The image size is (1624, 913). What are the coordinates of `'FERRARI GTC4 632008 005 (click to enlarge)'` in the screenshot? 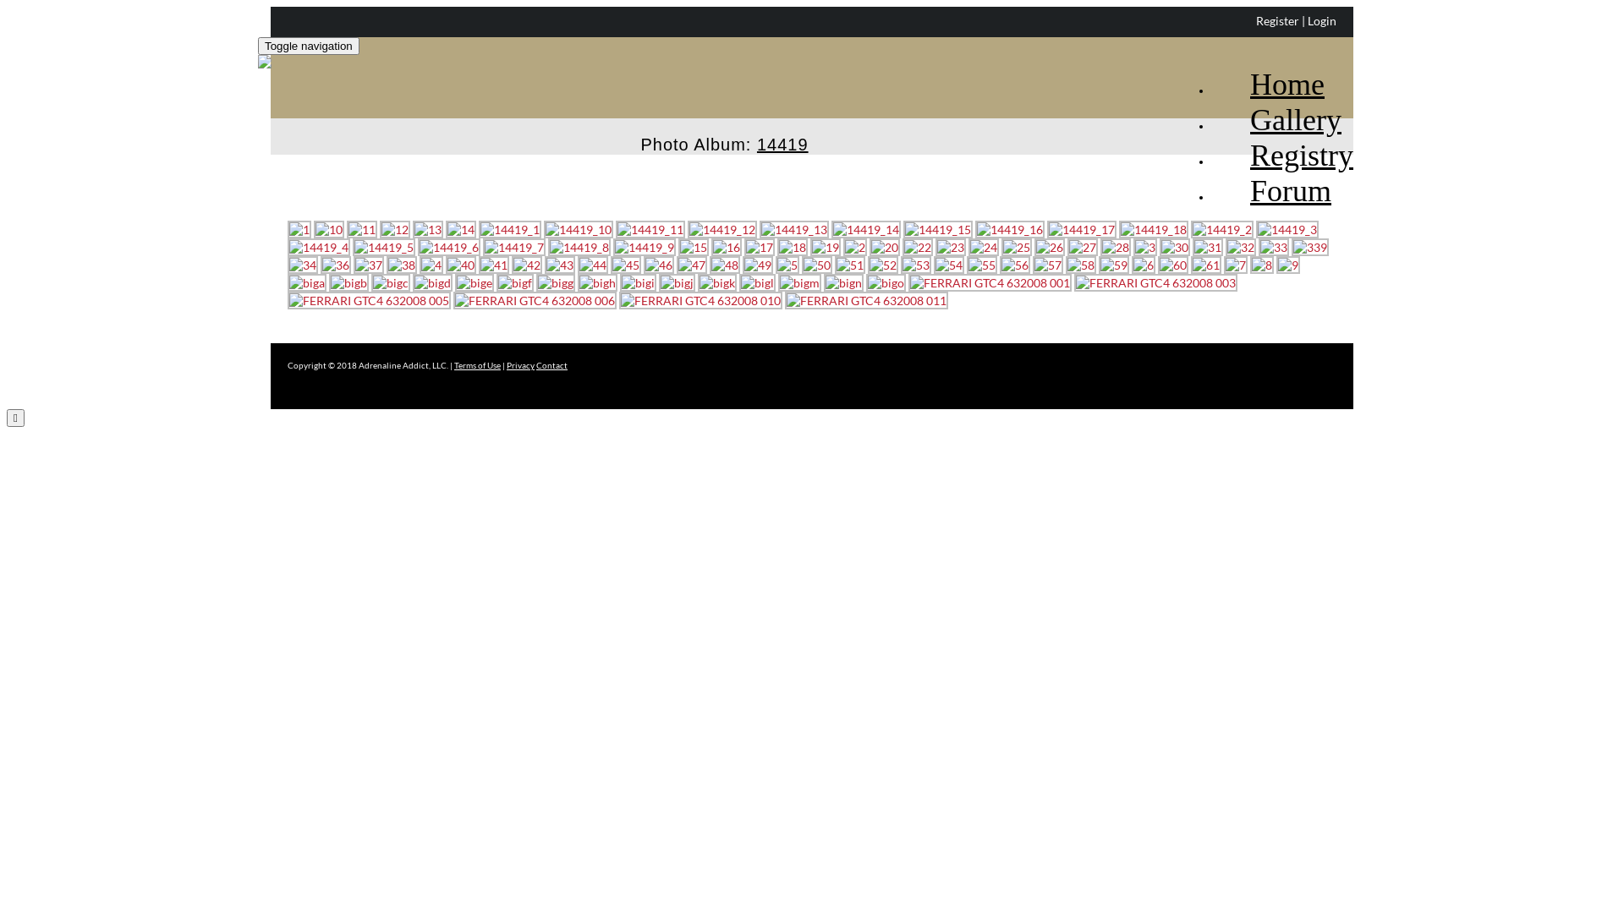 It's located at (368, 299).